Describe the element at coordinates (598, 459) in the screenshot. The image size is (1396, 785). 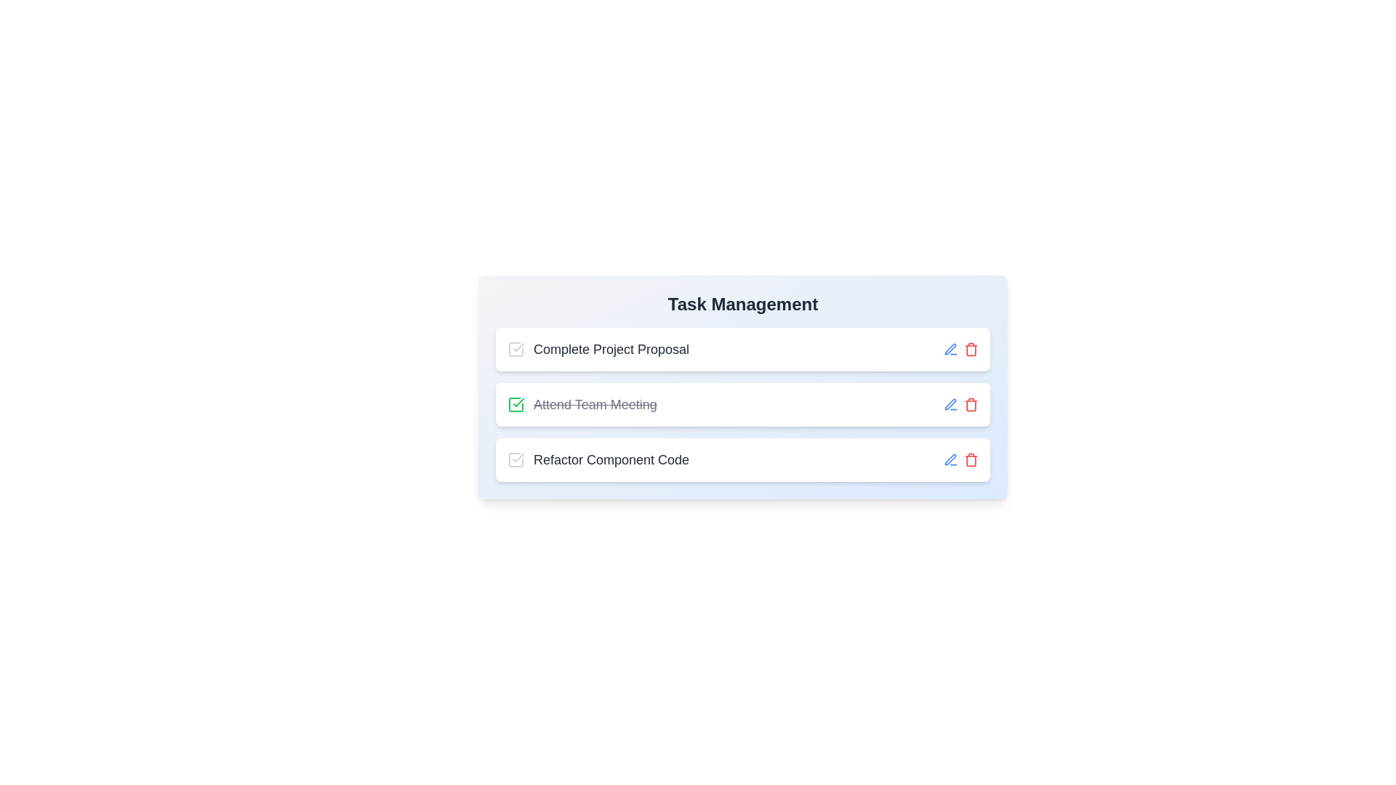
I see `the 'Refactor Component Code' text element in the Task Management section to mark it as selected` at that location.